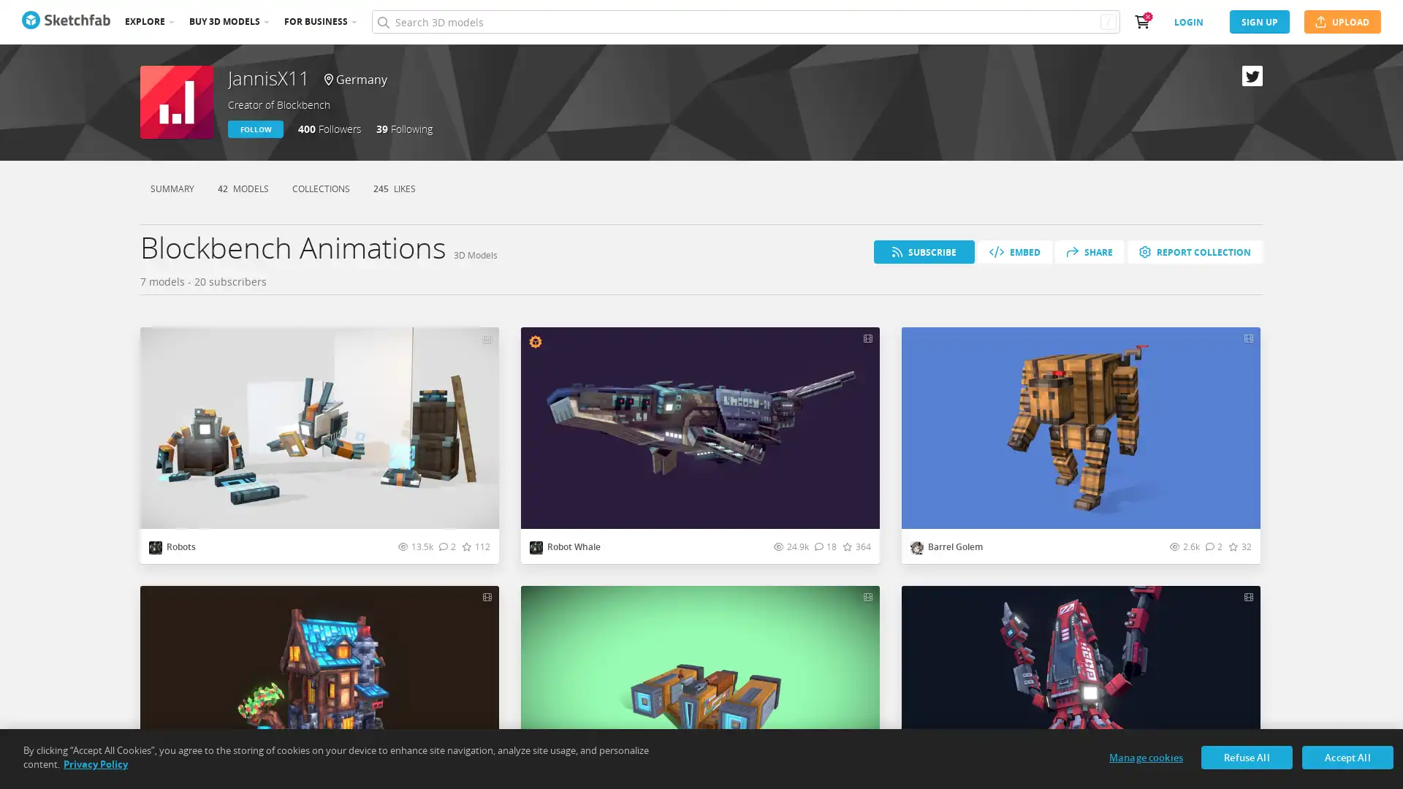 This screenshot has width=1403, height=789. I want to click on SHARE, so click(1090, 251).